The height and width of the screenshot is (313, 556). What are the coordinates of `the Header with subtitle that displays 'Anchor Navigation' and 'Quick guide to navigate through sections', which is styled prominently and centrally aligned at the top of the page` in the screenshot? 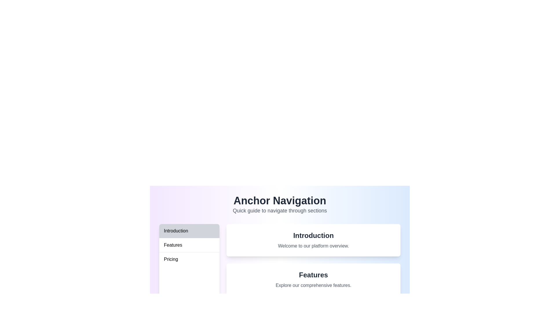 It's located at (280, 204).